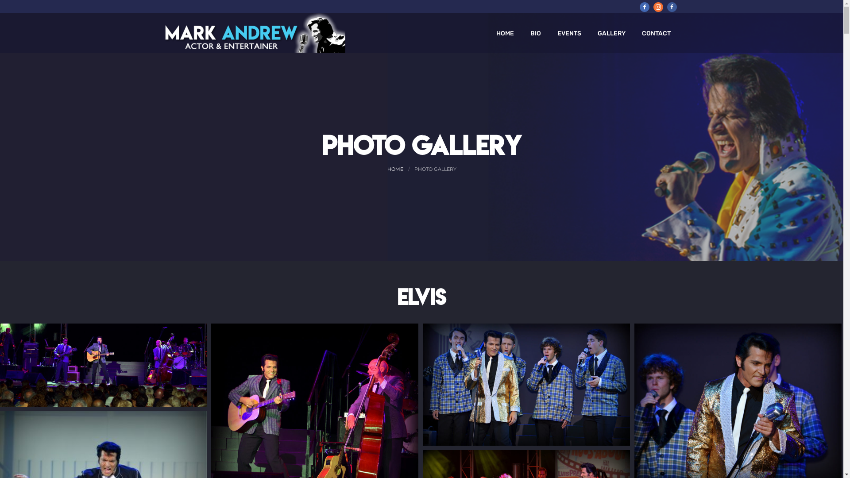 Image resolution: width=850 pixels, height=478 pixels. What do you see at coordinates (505, 32) in the screenshot?
I see `'HOME'` at bounding box center [505, 32].